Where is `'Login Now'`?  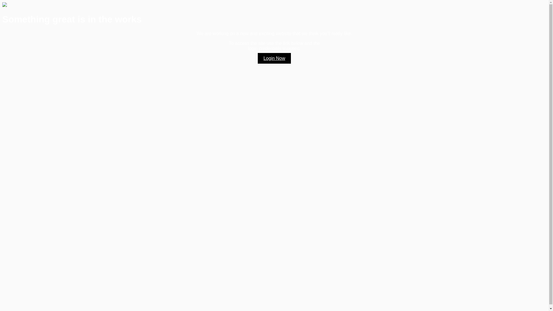
'Login Now' is located at coordinates (257, 58).